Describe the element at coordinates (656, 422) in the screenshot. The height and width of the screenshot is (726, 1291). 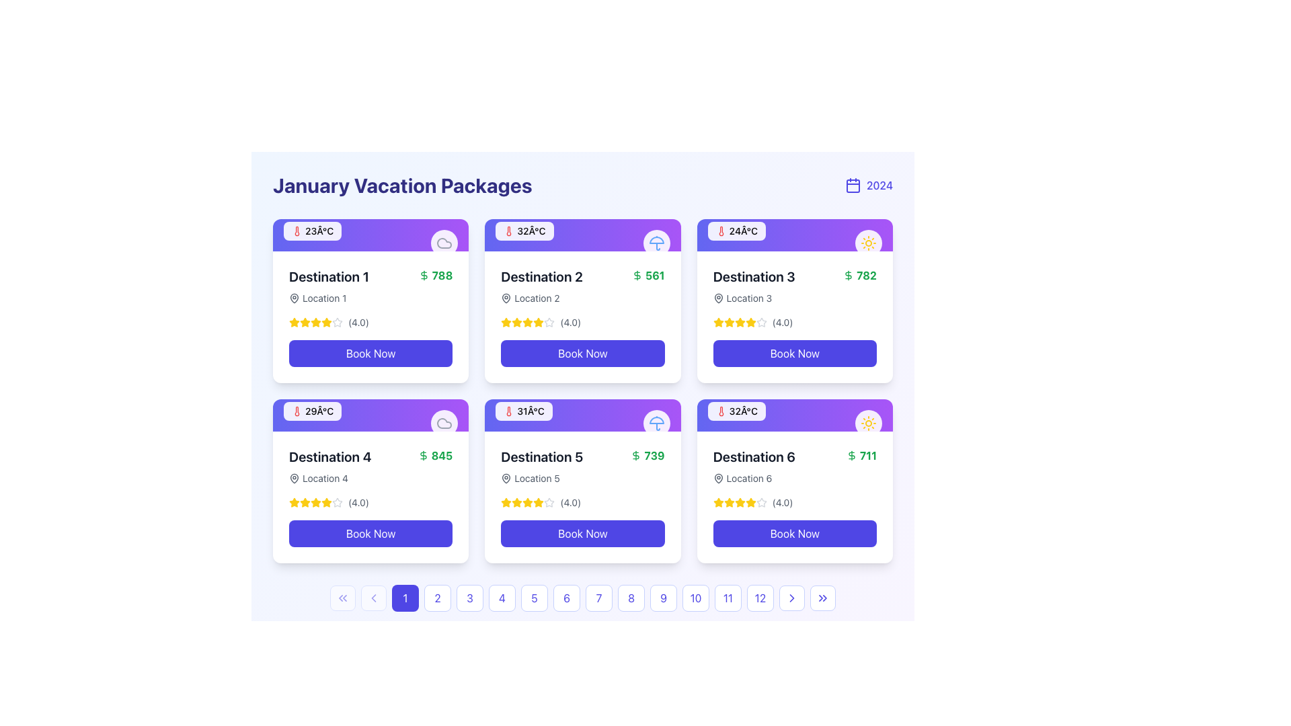
I see `the blue umbrella icon located at the top-right corner of the second card in the grid layout` at that location.